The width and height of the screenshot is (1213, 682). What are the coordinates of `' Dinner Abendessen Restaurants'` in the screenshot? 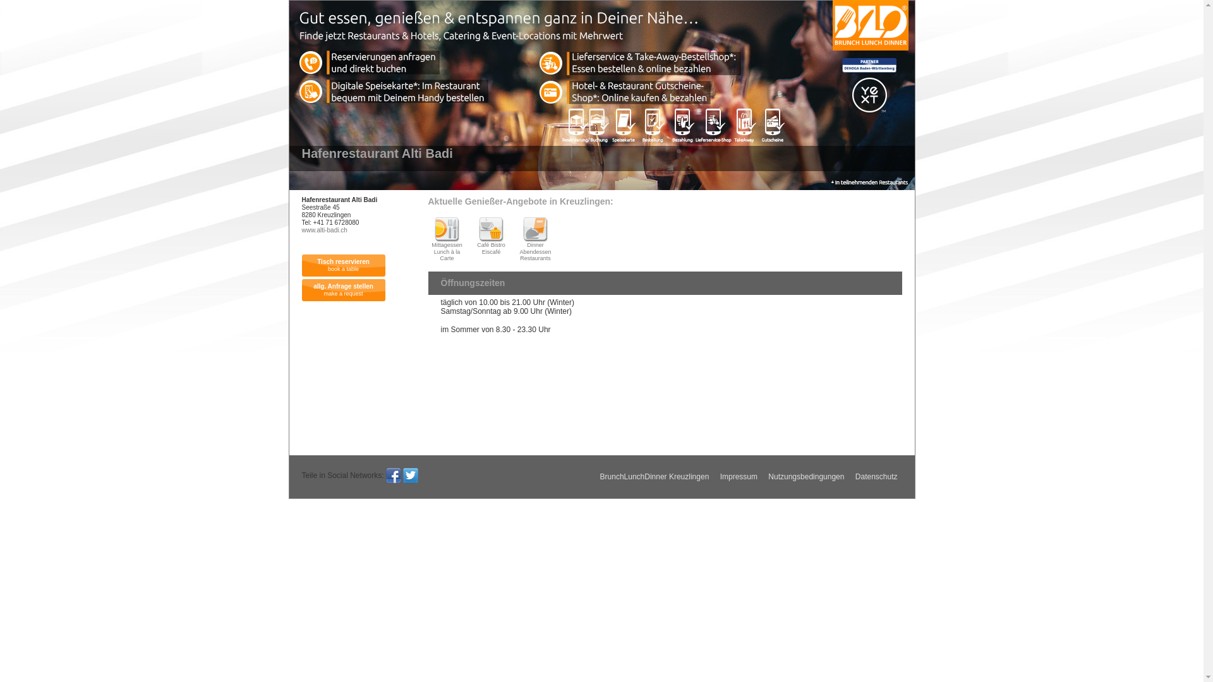 It's located at (516, 239).